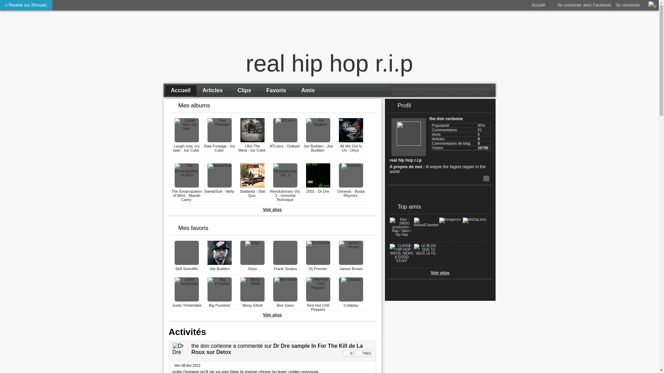  What do you see at coordinates (450, 219) in the screenshot?
I see `'bongarcon'` at bounding box center [450, 219].